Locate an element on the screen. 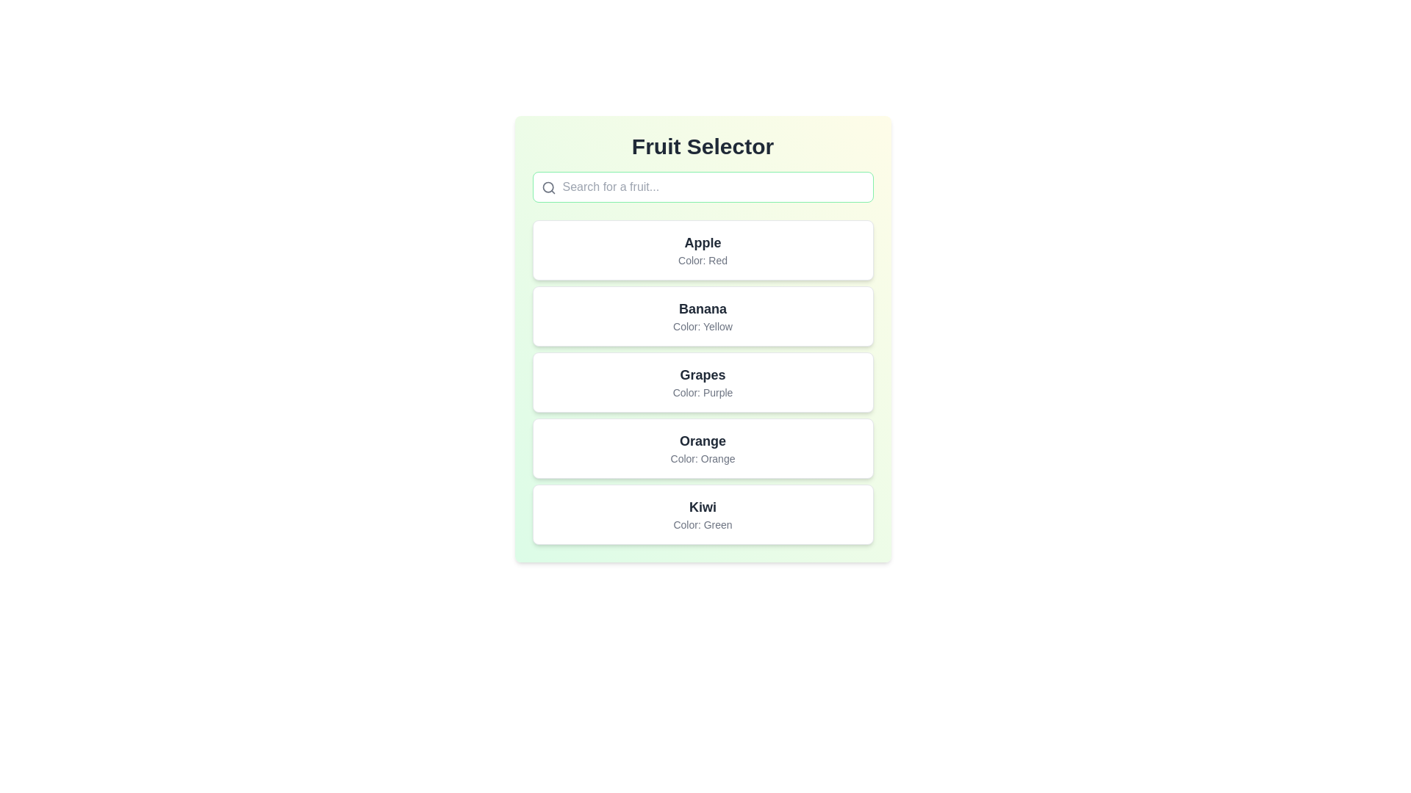 The height and width of the screenshot is (793, 1411). the selectable card displaying 'Banana' with the text 'Color: Yellow' below it, which is the second card in the group of similar cards is located at coordinates (702, 316).